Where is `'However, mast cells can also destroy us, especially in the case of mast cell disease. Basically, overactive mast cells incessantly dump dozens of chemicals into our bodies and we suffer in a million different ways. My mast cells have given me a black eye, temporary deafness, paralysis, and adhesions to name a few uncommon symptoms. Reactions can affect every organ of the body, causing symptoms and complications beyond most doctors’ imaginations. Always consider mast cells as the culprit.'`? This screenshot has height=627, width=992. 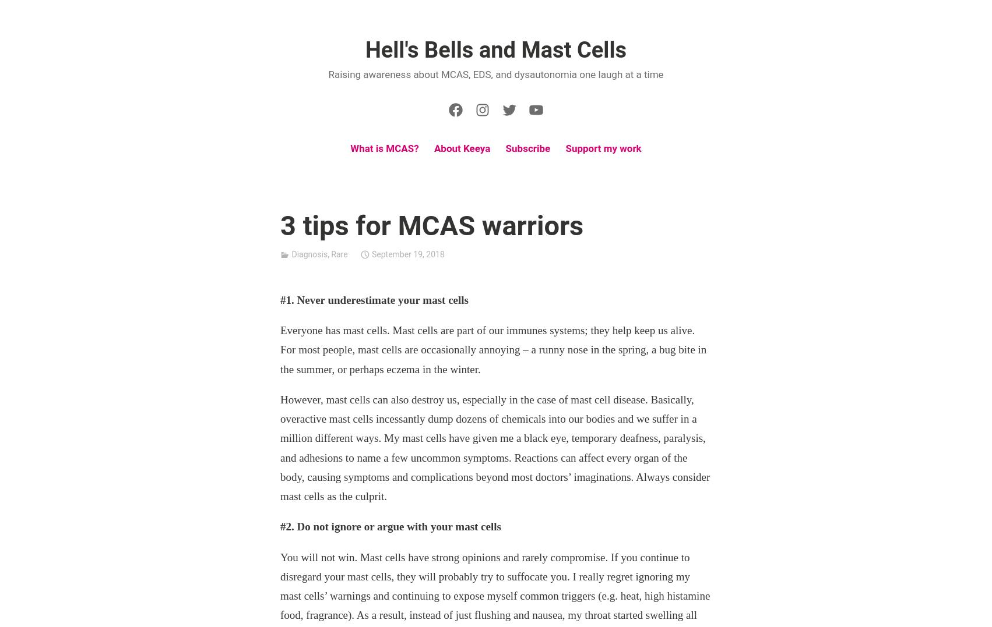 'However, mast cells can also destroy us, especially in the case of mast cell disease. Basically, overactive mast cells incessantly dump dozens of chemicals into our bodies and we suffer in a million different ways. My mast cells have given me a black eye, temporary deafness, paralysis, and adhesions to name a few uncommon symptoms. Reactions can affect every organ of the body, causing symptoms and complications beyond most doctors’ imaginations. Always consider mast cells as the culprit.' is located at coordinates (494, 447).